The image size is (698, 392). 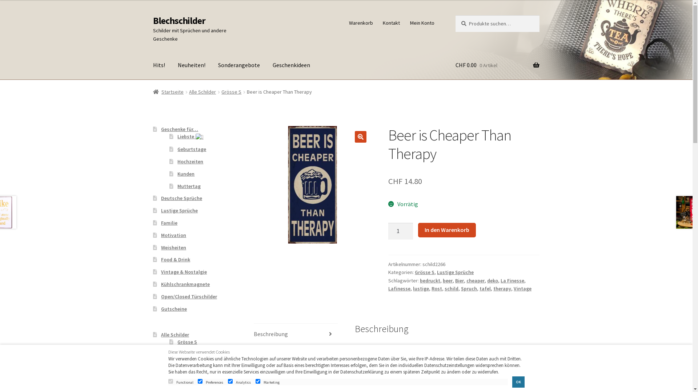 I want to click on 'La Finesse', so click(x=512, y=280).